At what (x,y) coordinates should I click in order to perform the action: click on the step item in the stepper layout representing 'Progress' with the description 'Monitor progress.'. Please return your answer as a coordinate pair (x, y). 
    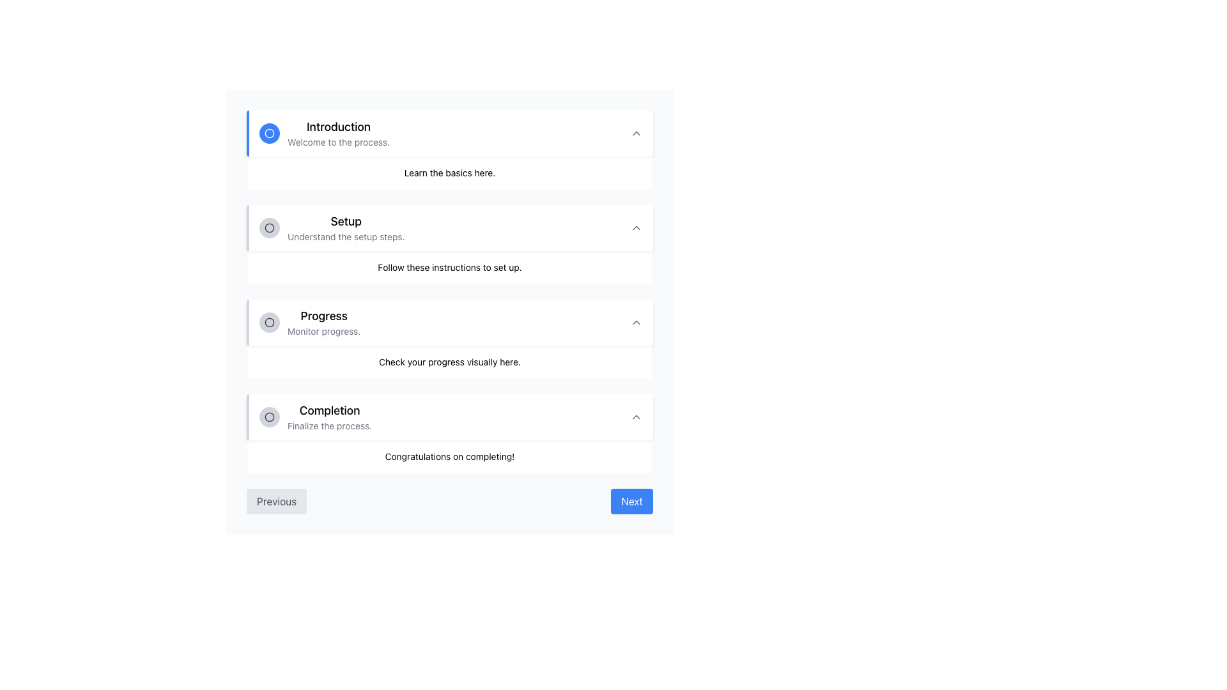
    Looking at the image, I should click on (310, 322).